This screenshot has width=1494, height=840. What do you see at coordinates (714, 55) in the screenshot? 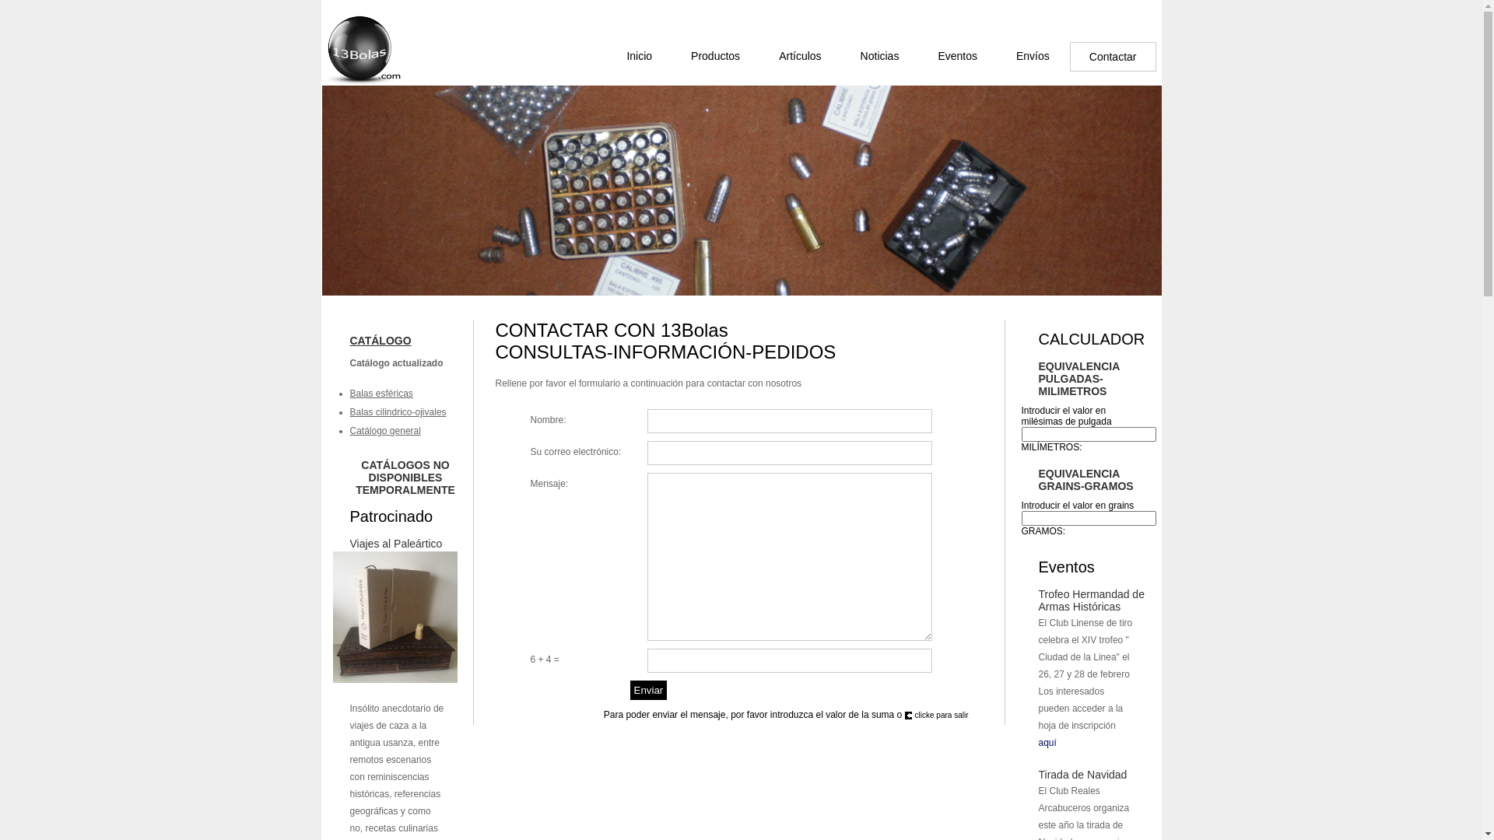
I see `'Productos'` at bounding box center [714, 55].